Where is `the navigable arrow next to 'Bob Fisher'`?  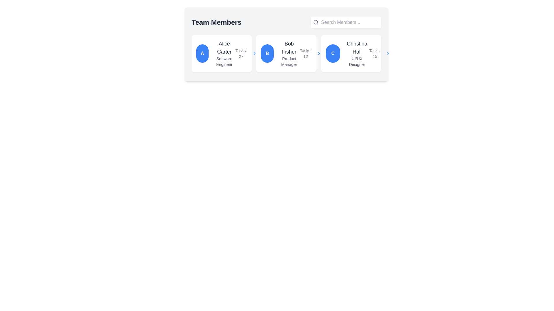
the navigable arrow next to 'Bob Fisher' is located at coordinates (310, 53).